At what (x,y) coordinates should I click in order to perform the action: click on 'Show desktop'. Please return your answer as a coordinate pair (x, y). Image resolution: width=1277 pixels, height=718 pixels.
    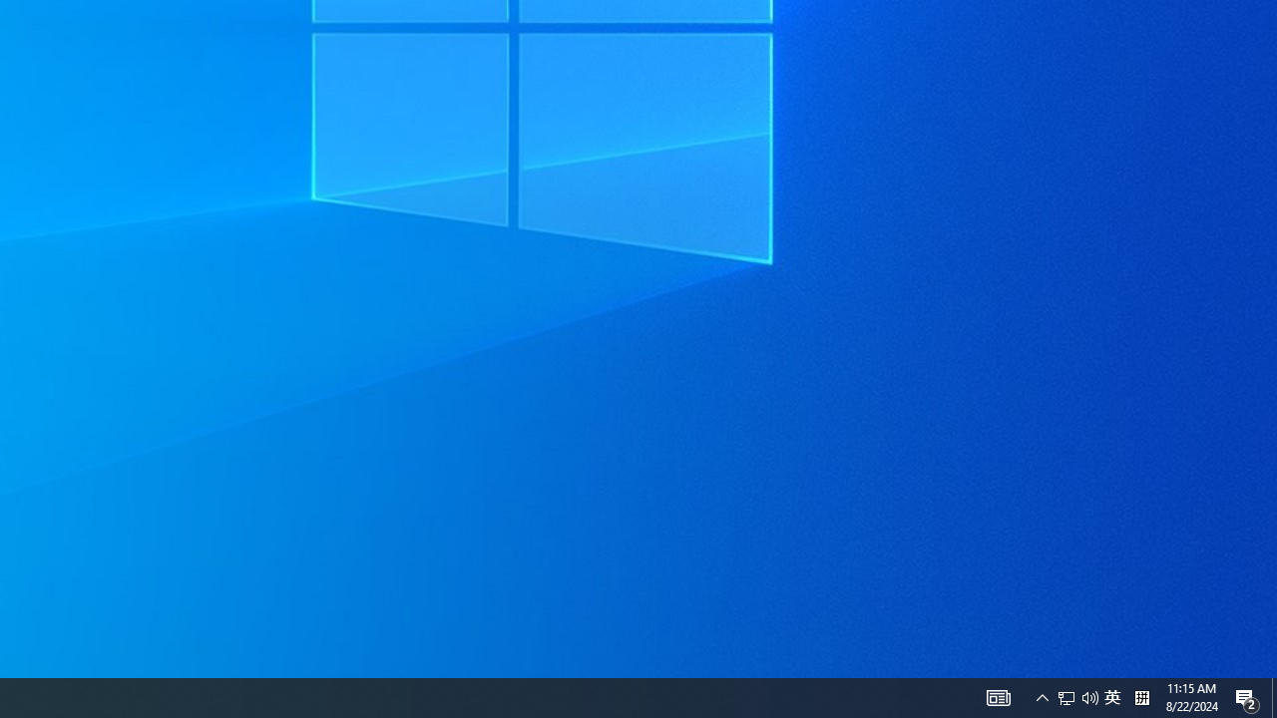
    Looking at the image, I should click on (1273, 696).